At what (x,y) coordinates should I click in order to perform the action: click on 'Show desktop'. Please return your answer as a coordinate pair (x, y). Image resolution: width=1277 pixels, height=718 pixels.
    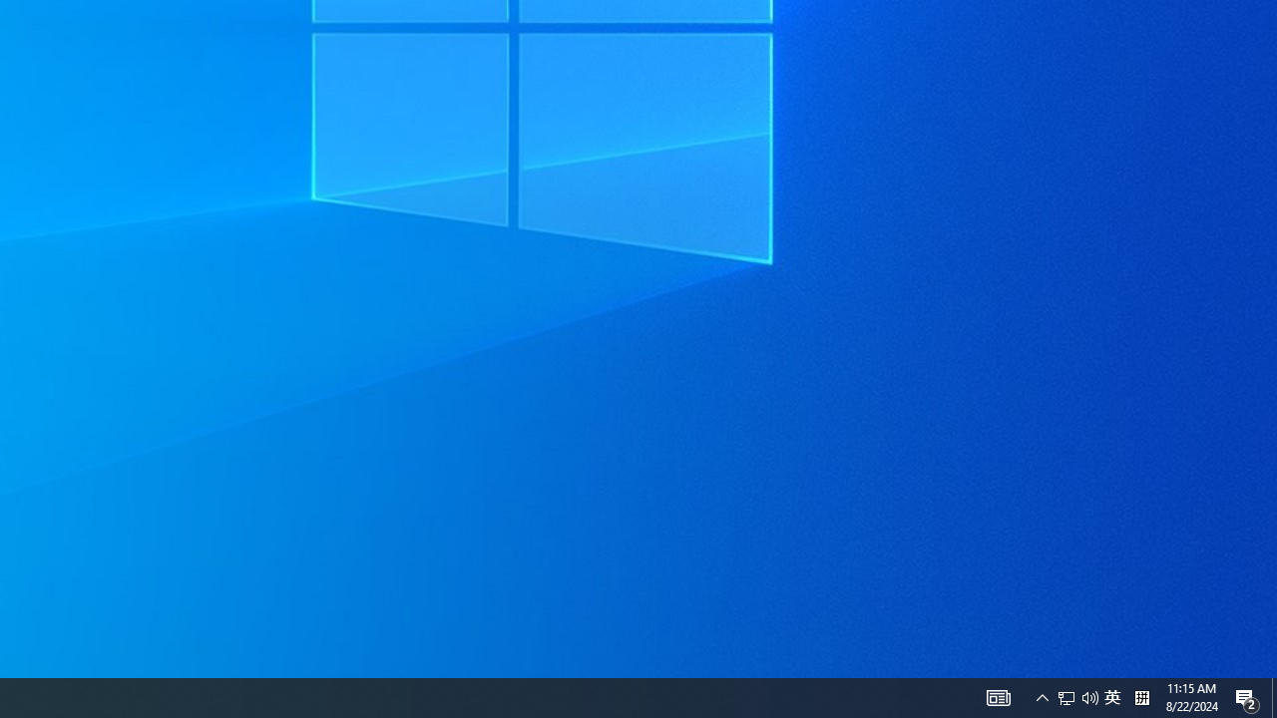
    Looking at the image, I should click on (1273, 696).